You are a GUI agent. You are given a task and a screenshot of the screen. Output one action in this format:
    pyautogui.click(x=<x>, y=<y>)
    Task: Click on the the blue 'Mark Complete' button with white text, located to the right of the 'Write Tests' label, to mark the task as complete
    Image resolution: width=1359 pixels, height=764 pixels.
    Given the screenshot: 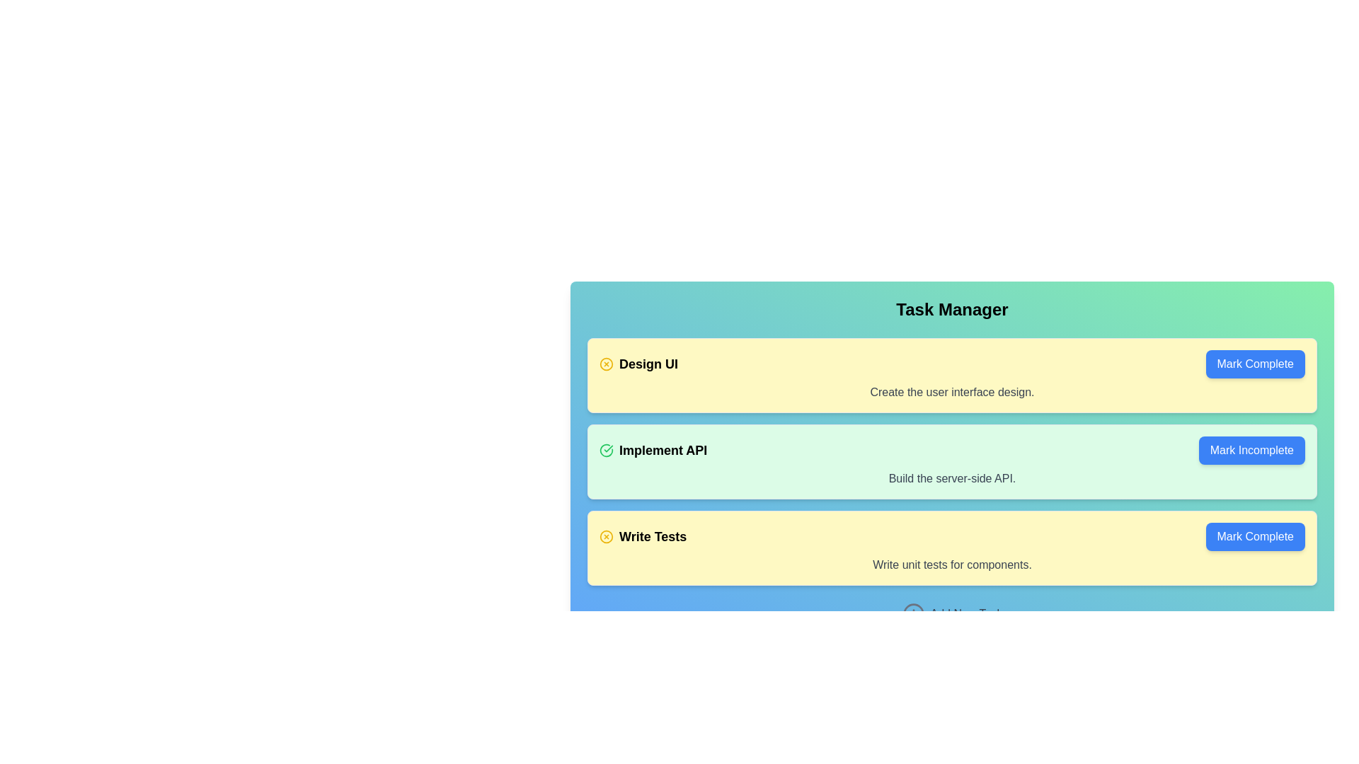 What is the action you would take?
    pyautogui.click(x=1255, y=537)
    